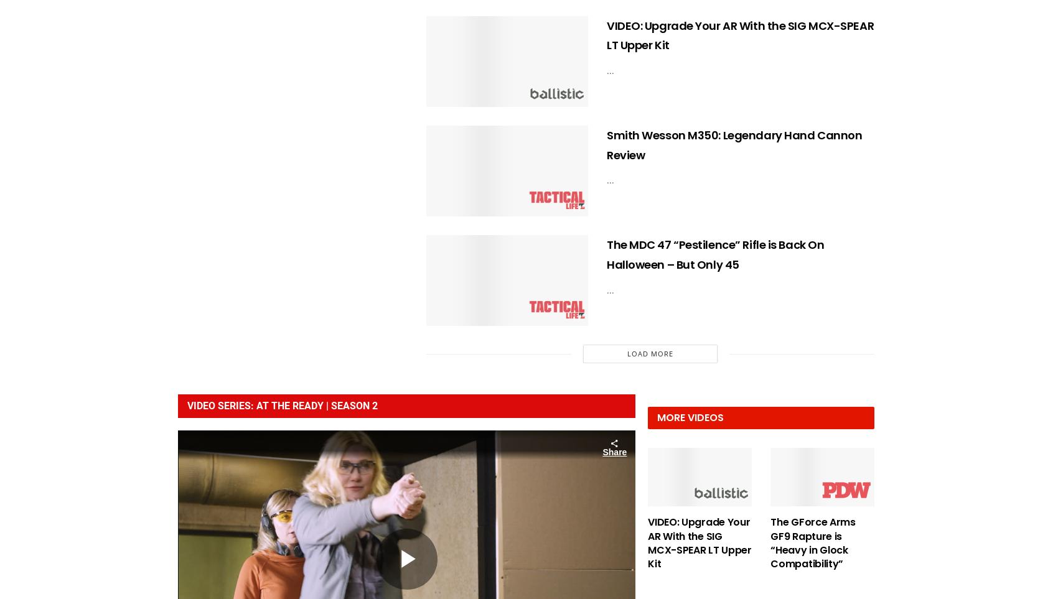 The height and width of the screenshot is (599, 1053). What do you see at coordinates (812, 542) in the screenshot?
I see `'The GForce Arms GF9 Rapture is “Heavy in Glock Compatibility”'` at bounding box center [812, 542].